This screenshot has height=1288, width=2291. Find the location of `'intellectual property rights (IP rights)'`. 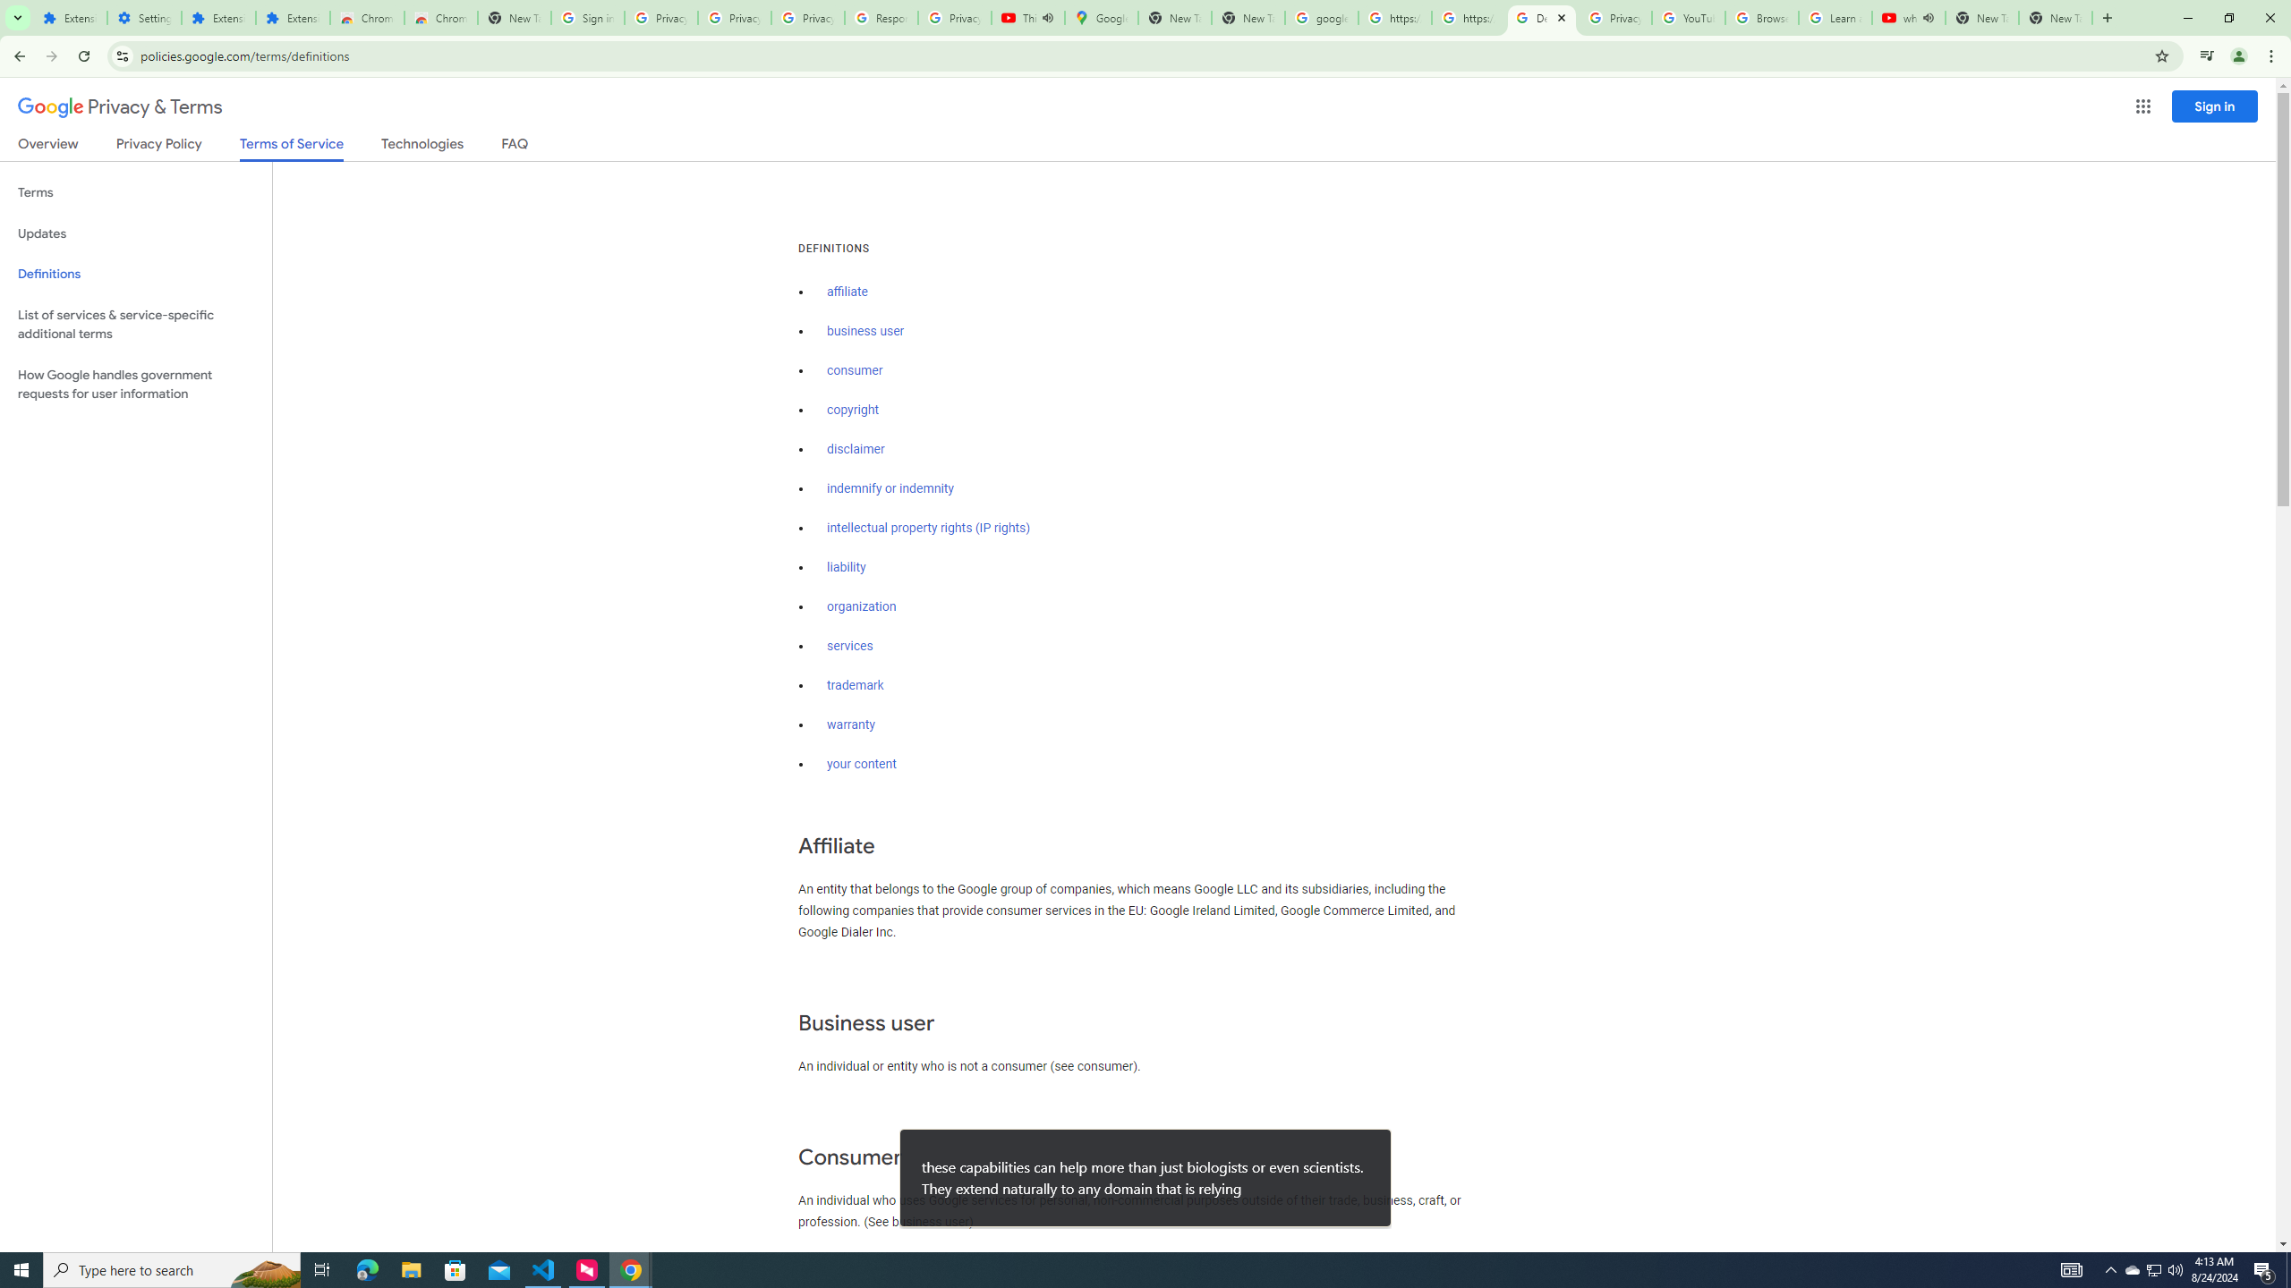

'intellectual property rights (IP rights)' is located at coordinates (929, 528).